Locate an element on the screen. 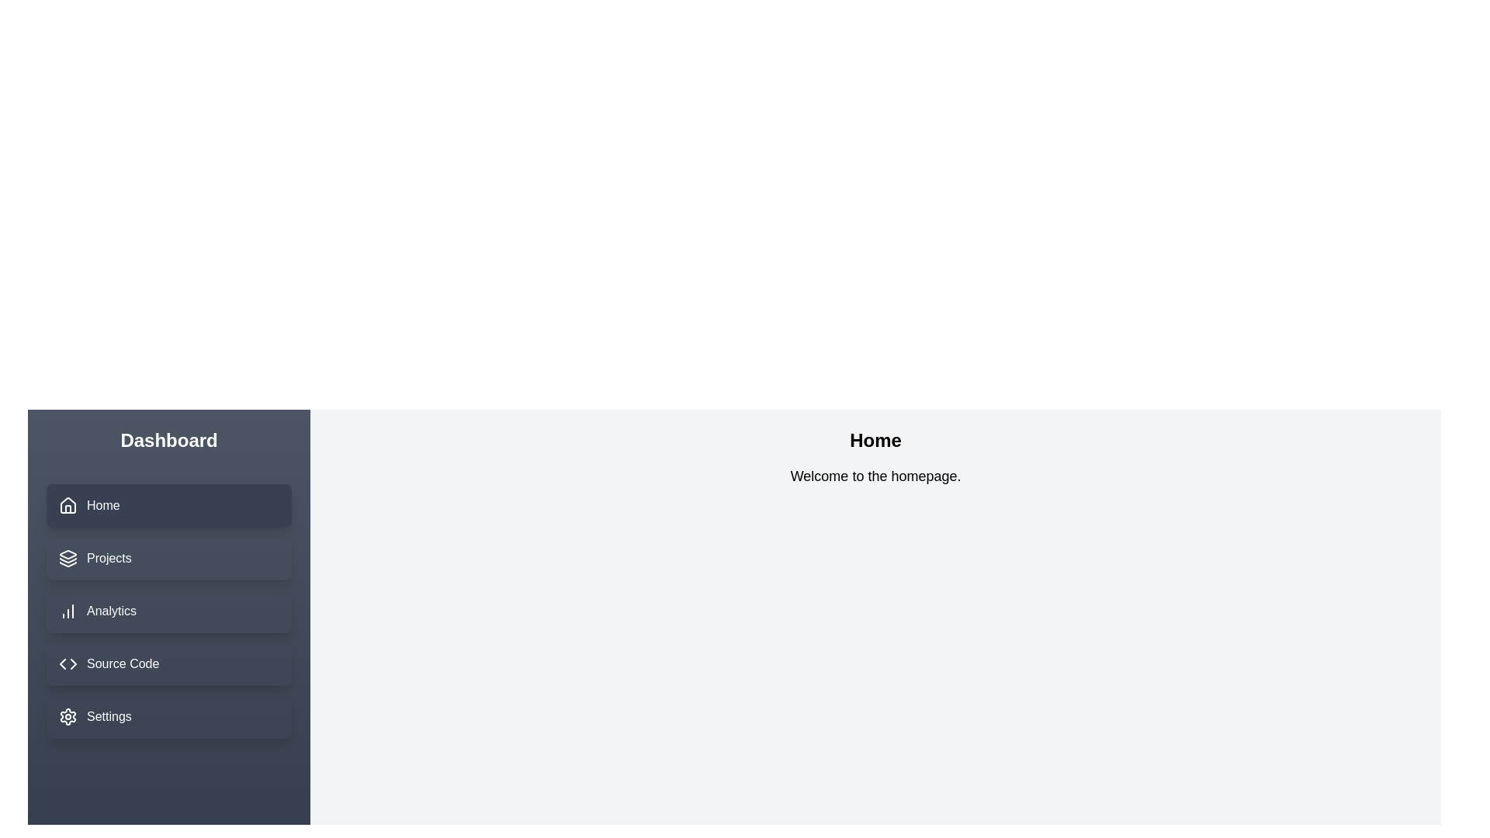 The width and height of the screenshot is (1490, 838). the 'Settings' icon located in the navigation menu at the bottom section, adjacent to the text label 'Settings' is located at coordinates (67, 717).